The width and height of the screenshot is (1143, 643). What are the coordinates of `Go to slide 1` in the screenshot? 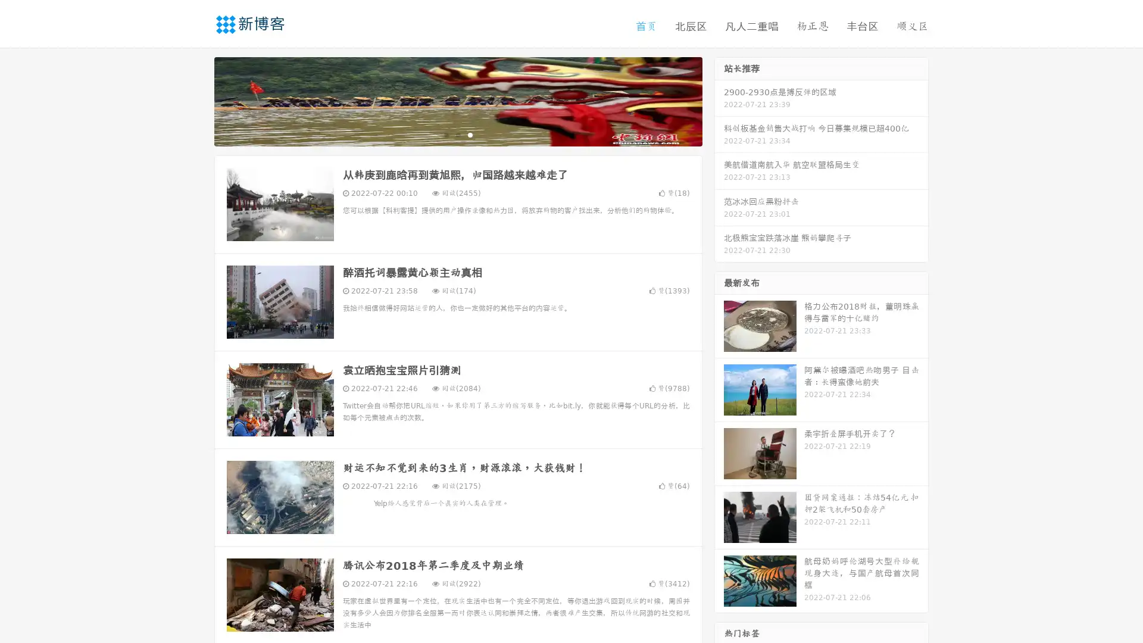 It's located at (445, 134).